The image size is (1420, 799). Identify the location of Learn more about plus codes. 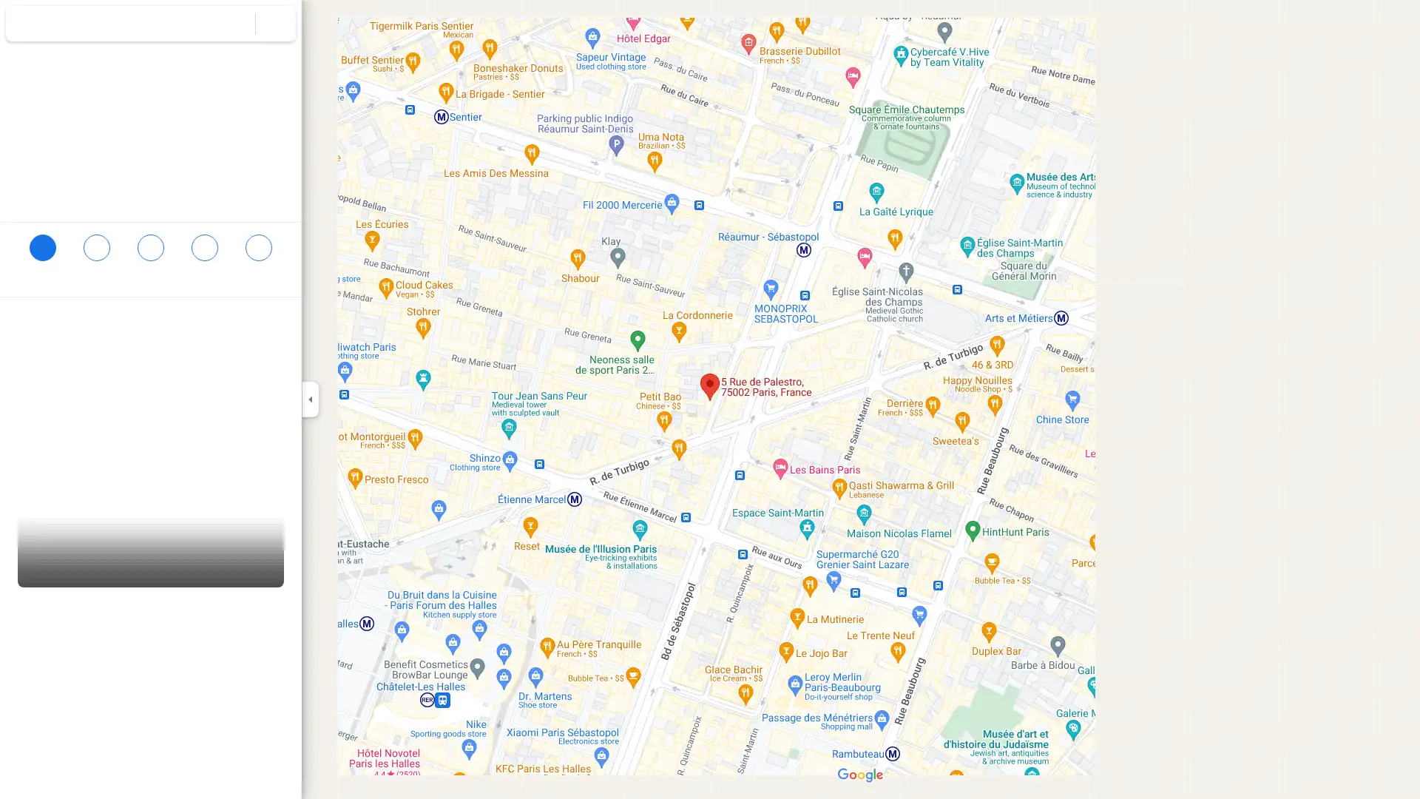
(283, 354).